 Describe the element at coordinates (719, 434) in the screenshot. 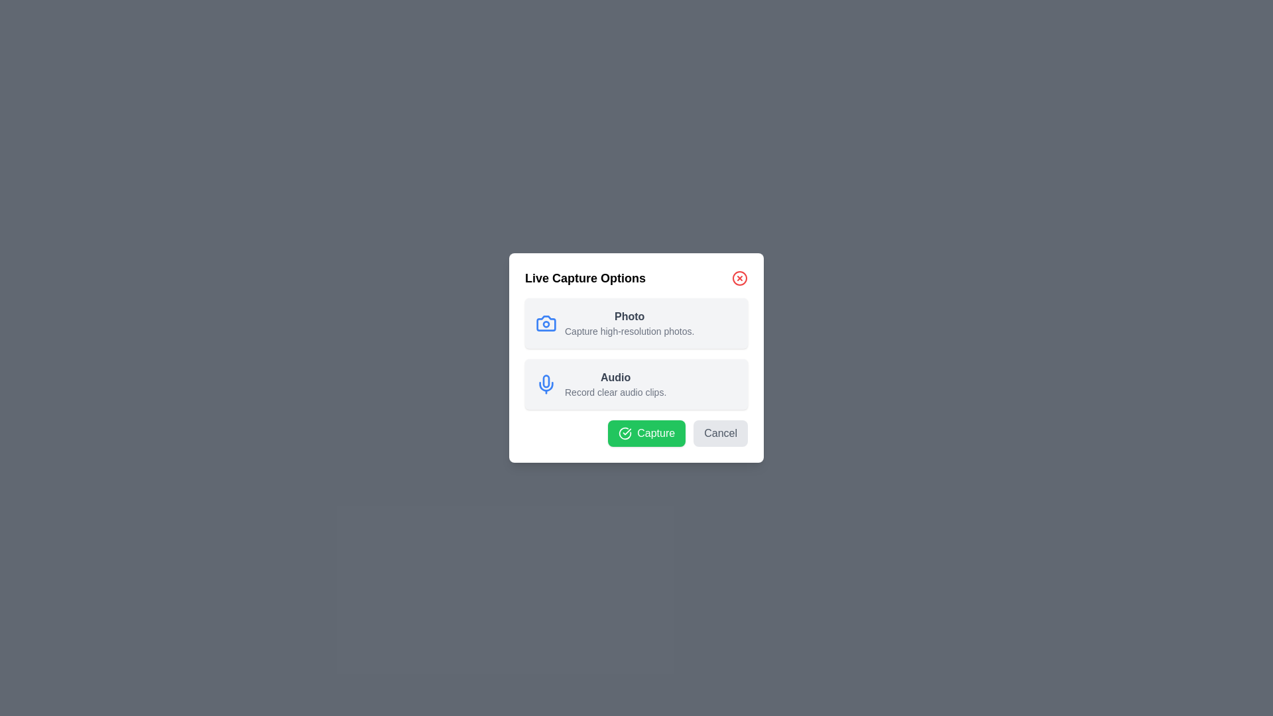

I see `the cancel button to toggle the dialog visibility` at that location.